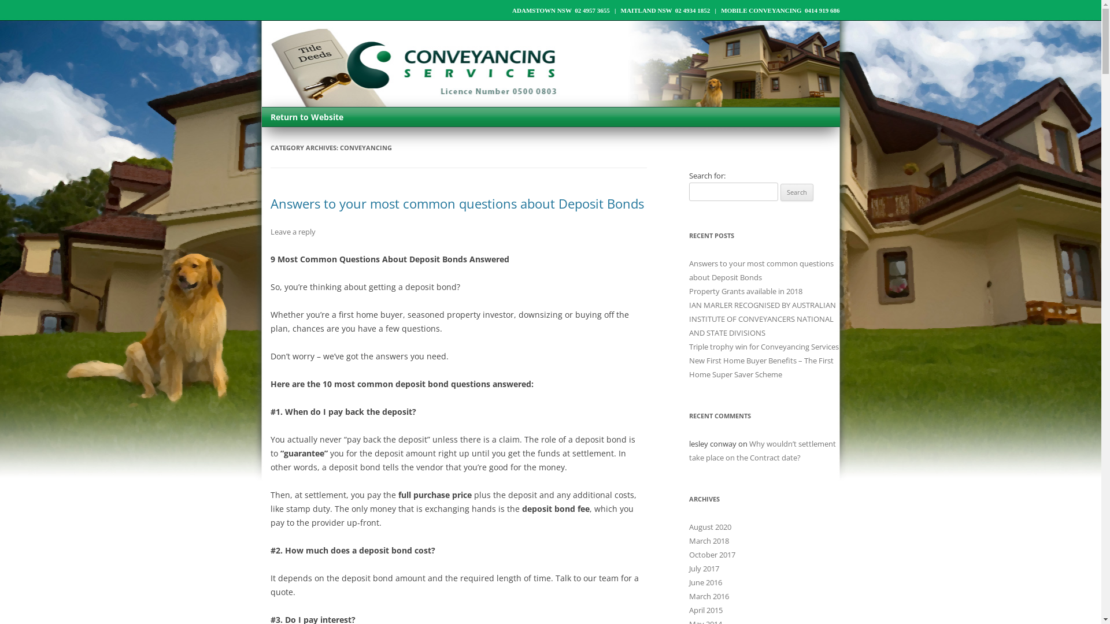  I want to click on 'Property Grants available in 2018', so click(746, 291).